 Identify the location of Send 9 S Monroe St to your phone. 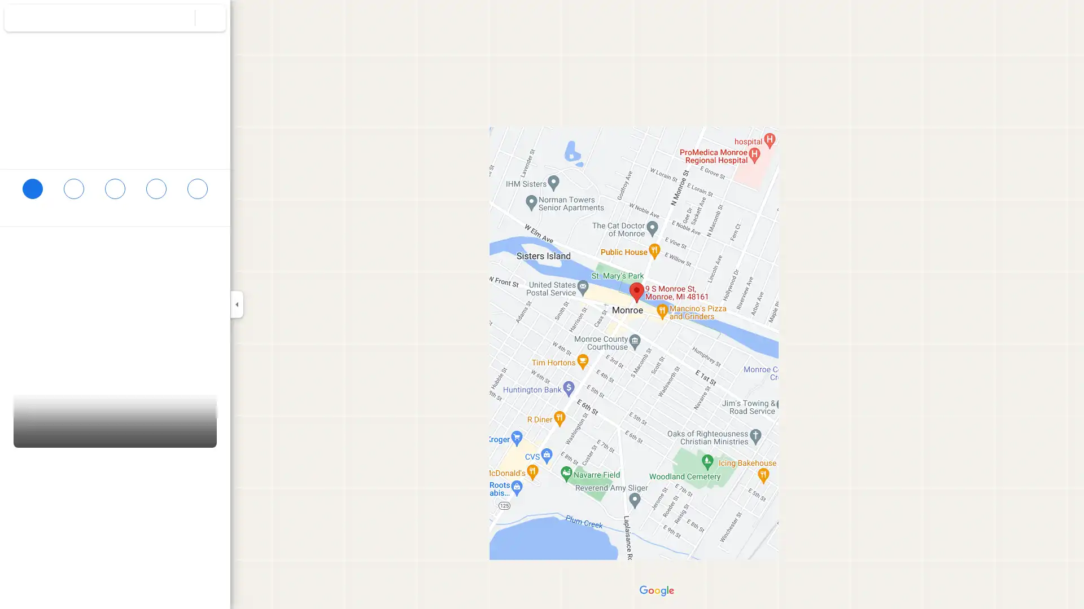
(155, 197).